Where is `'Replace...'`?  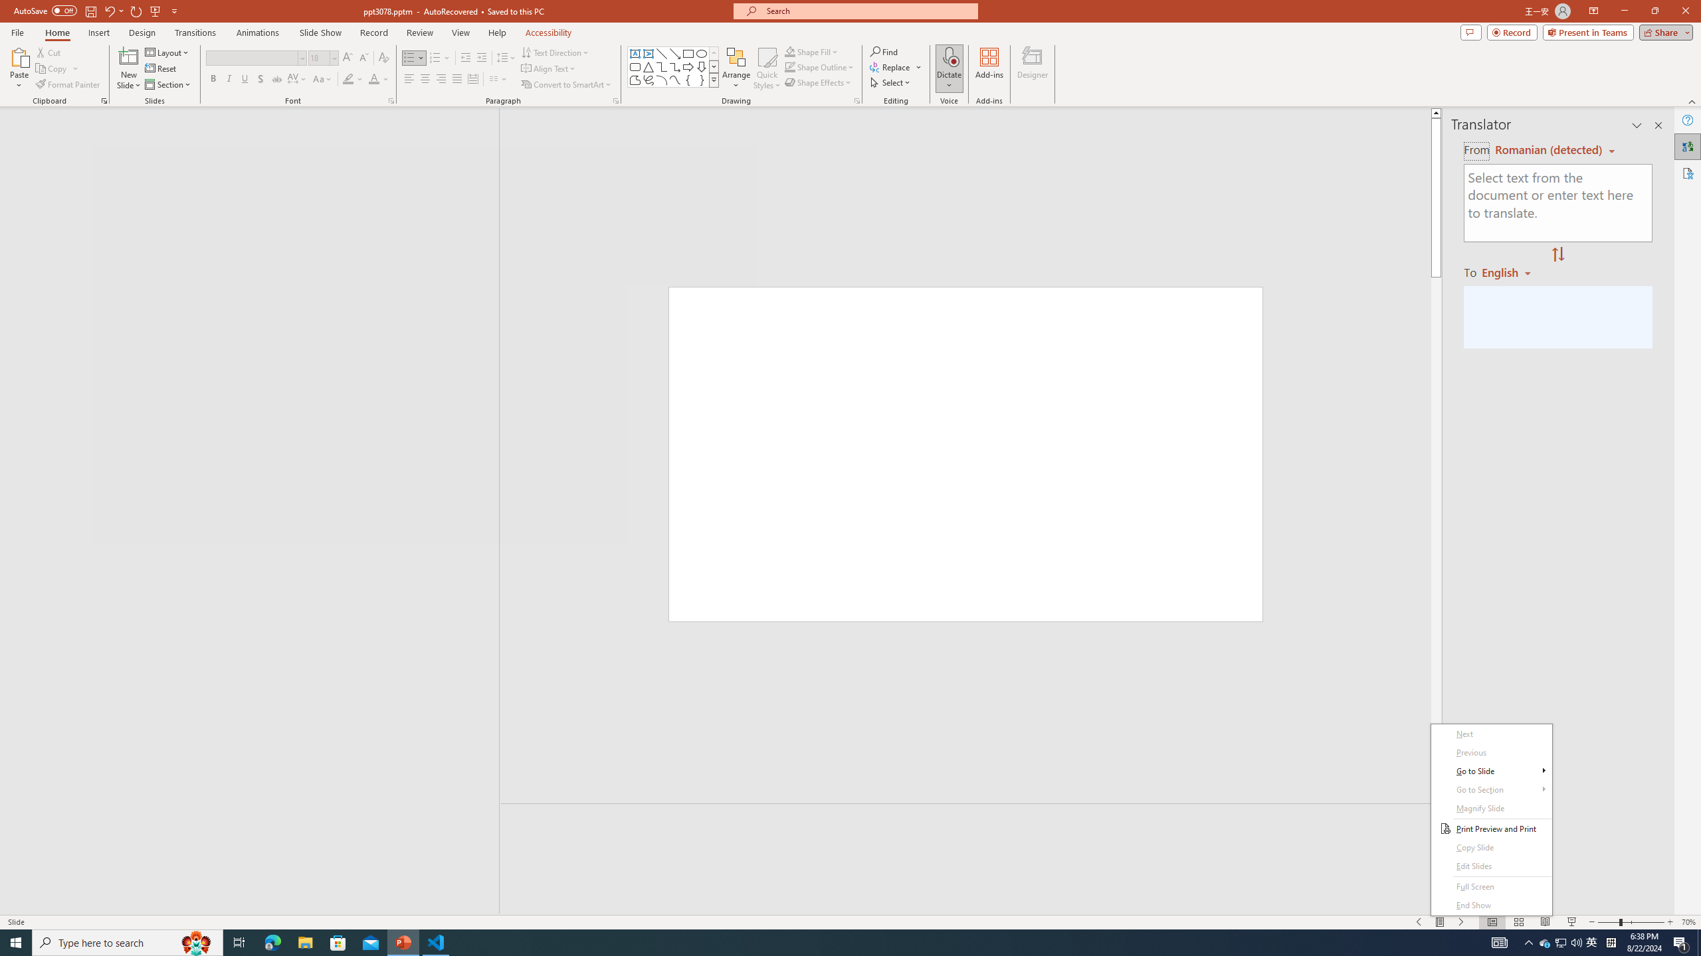
'Replace...' is located at coordinates (891, 66).